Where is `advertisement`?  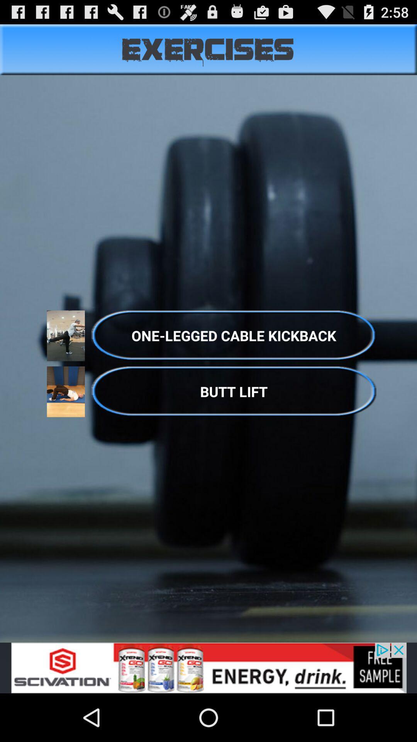
advertisement is located at coordinates (208, 667).